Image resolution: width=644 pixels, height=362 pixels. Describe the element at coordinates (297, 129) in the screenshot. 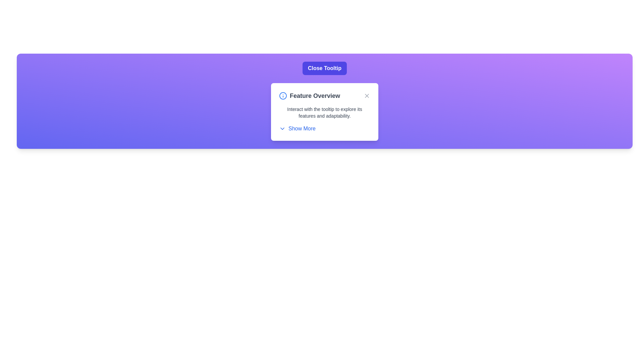

I see `the blue text link 'Show More' located at the bottom of the 'Feature Overview' modal` at that location.